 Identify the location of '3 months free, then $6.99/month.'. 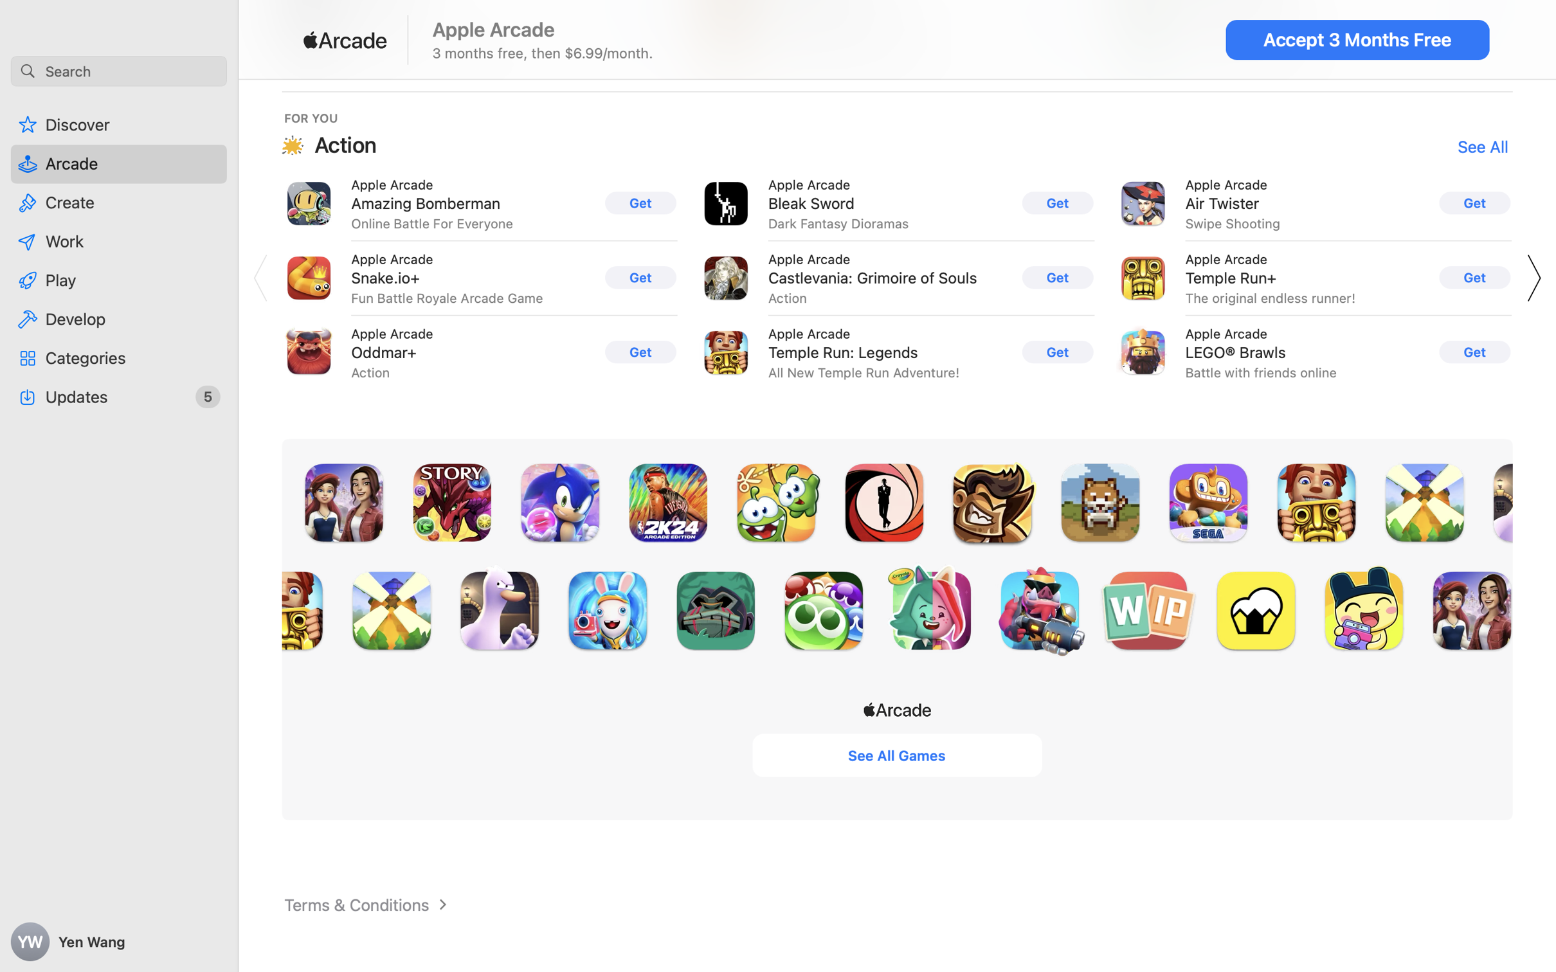
(543, 52).